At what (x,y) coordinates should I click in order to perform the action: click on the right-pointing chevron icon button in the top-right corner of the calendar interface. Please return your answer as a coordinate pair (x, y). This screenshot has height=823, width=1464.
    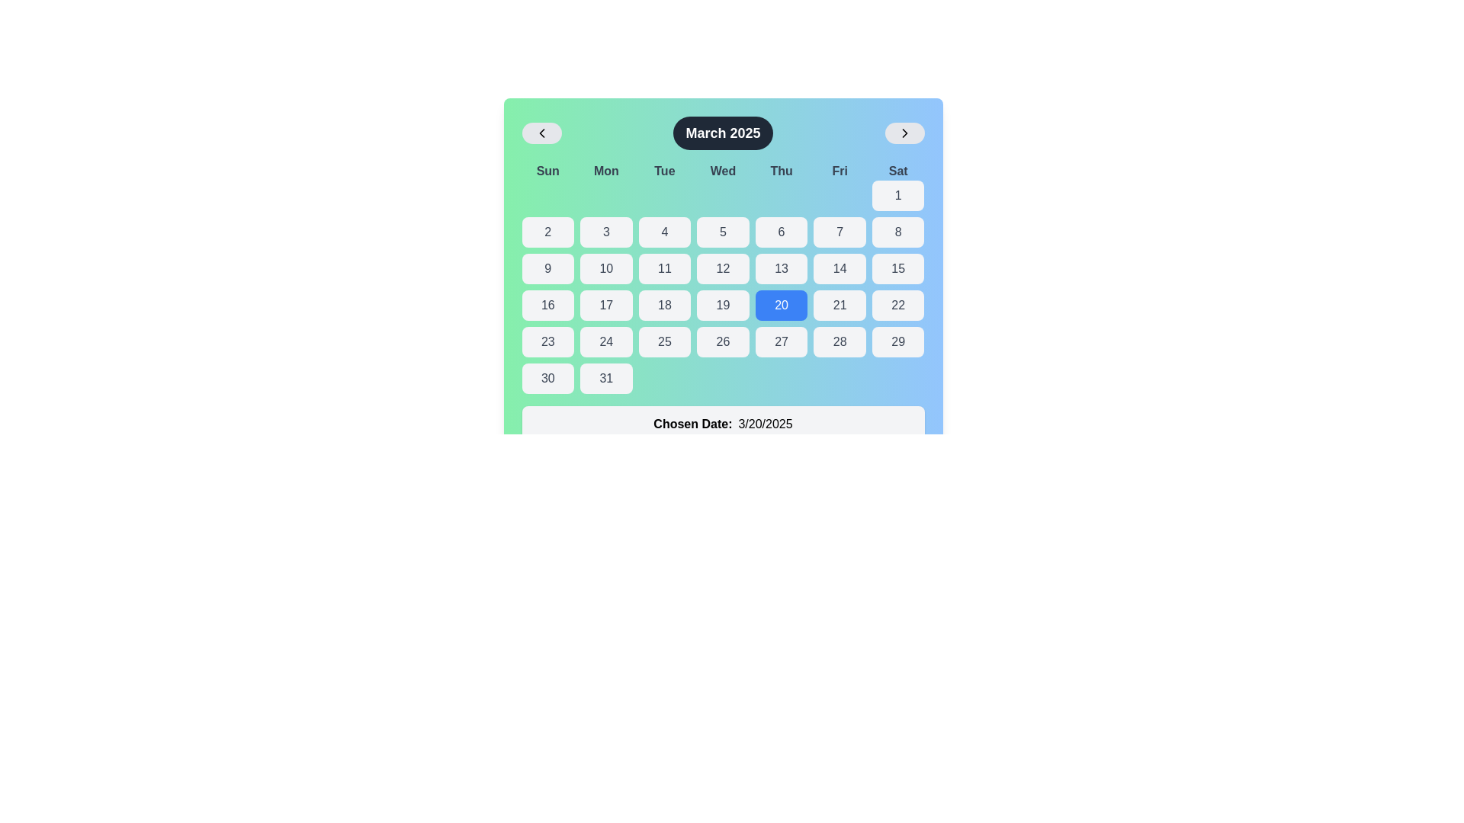
    Looking at the image, I should click on (904, 132).